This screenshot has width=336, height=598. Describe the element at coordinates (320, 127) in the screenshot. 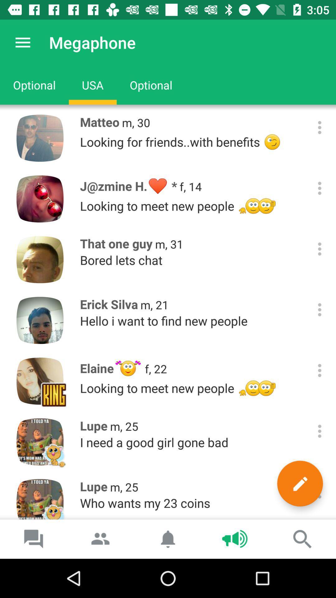

I see `profile options` at that location.